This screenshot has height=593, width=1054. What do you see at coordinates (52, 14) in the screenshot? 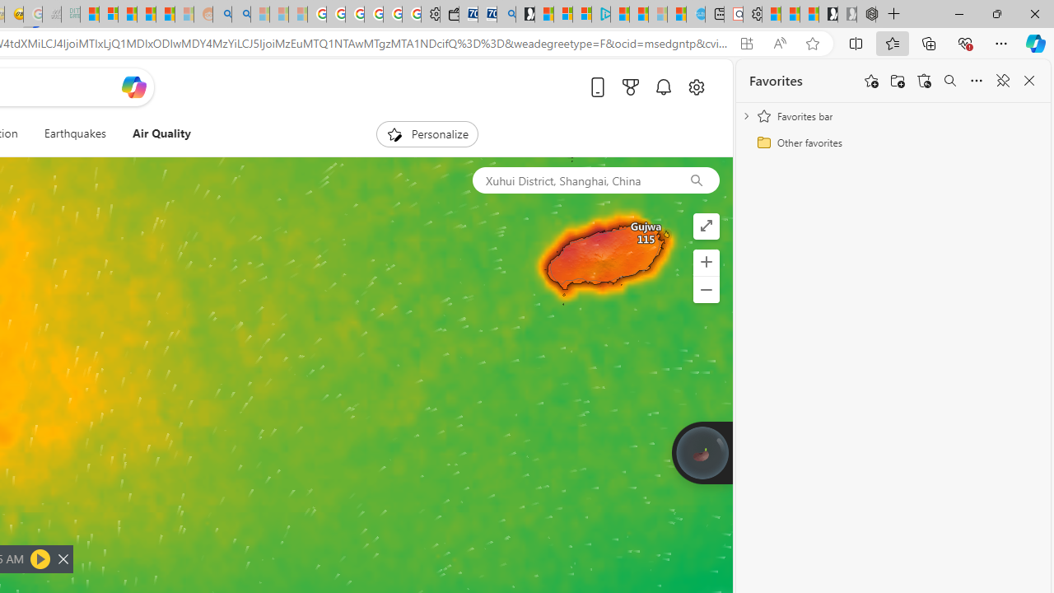
I see `'Navy Quest'` at bounding box center [52, 14].